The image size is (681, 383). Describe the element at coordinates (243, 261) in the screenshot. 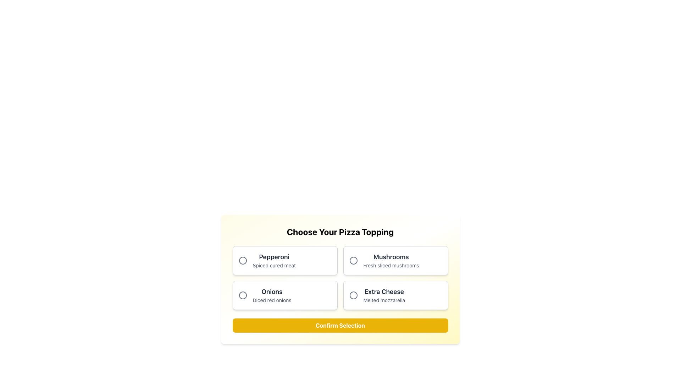

I see `the Radio button for the 'Pepperoni' option` at that location.